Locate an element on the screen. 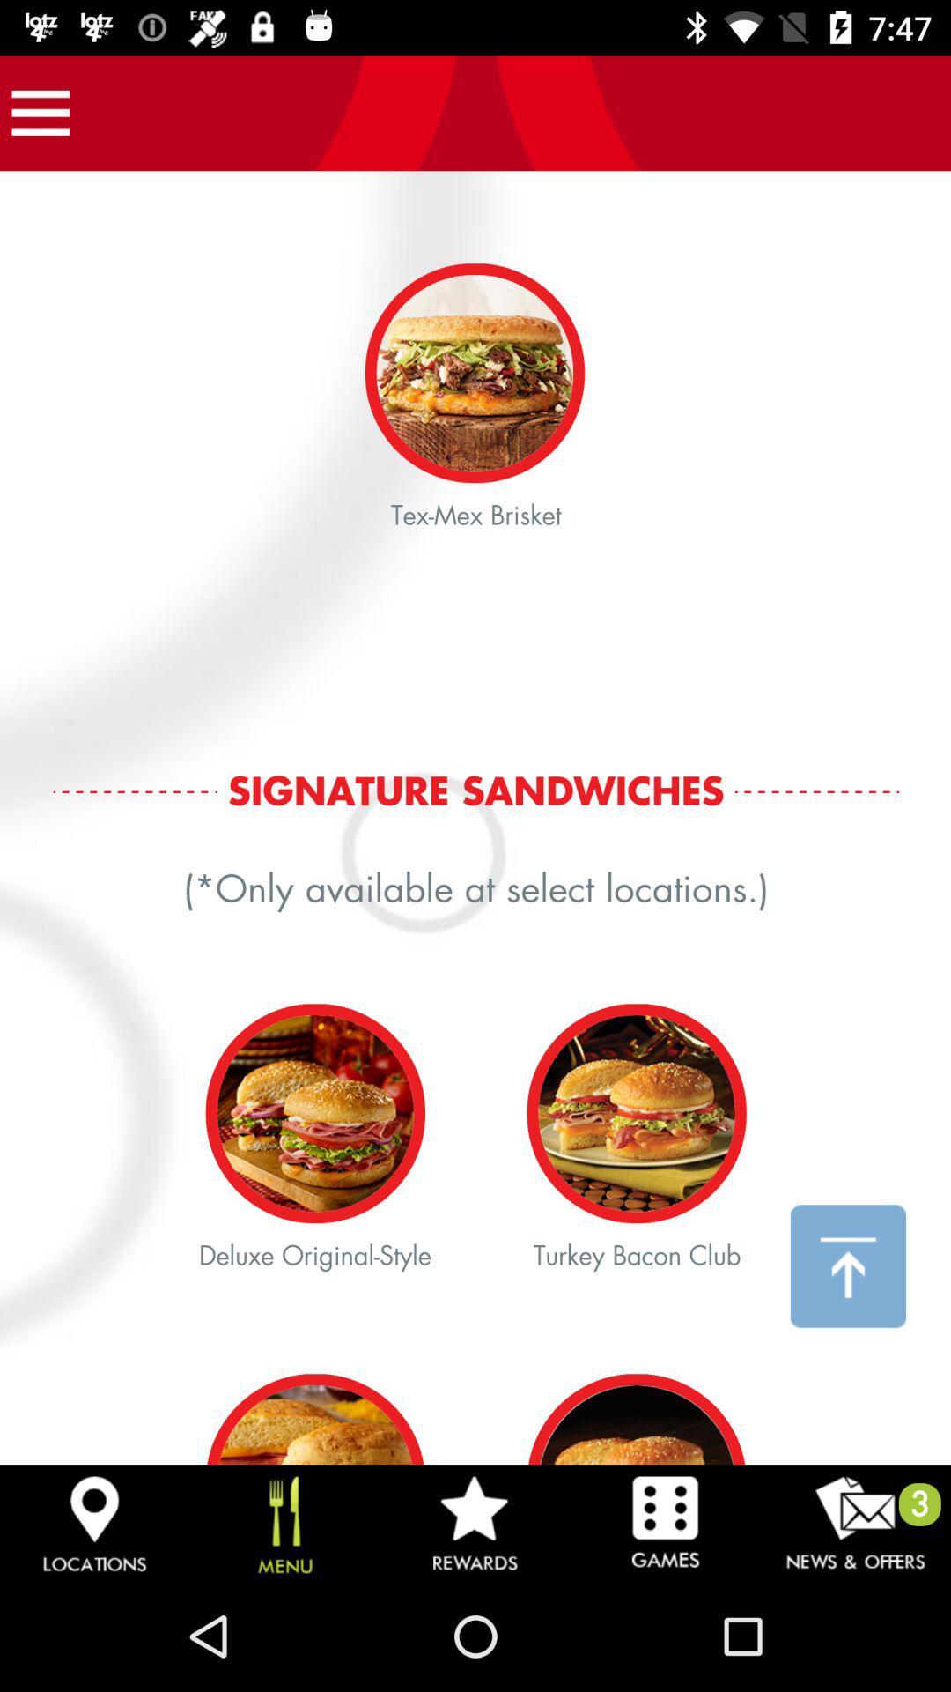 This screenshot has height=1692, width=951. more is located at coordinates (40, 112).